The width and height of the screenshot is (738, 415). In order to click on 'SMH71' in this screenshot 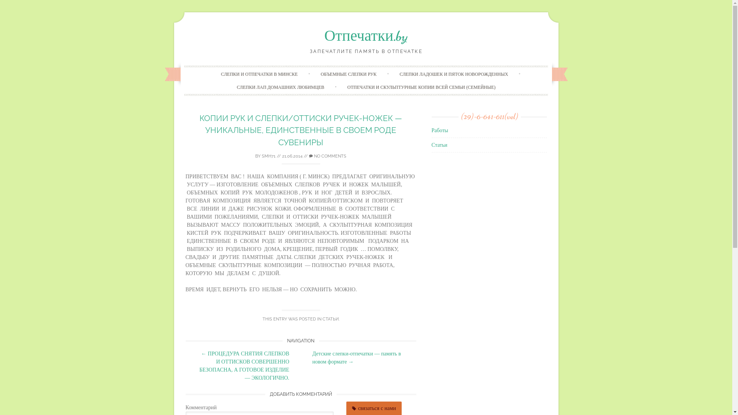, I will do `click(269, 156)`.